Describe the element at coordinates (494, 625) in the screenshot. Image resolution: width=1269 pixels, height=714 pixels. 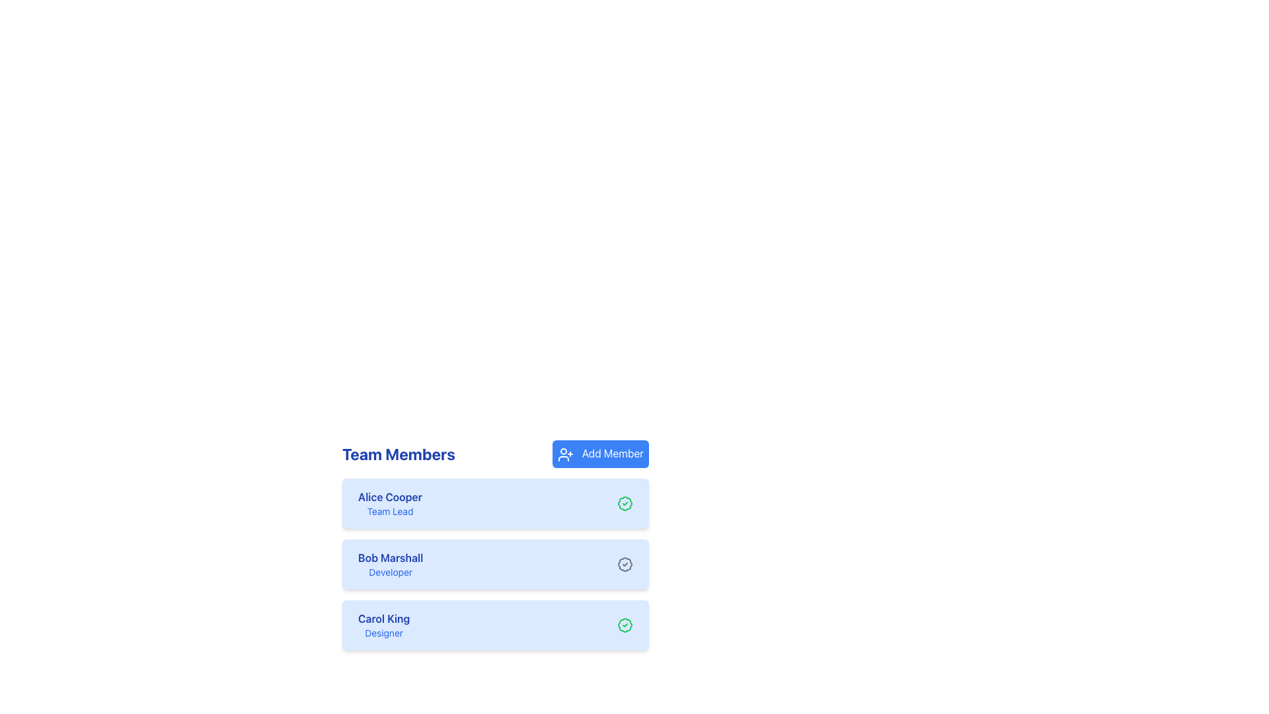
I see `text content of the third List Item in the 'Team Members' list, which displays the name 'Carol King' and role 'Designer' with a green checkmark for verification` at that location.